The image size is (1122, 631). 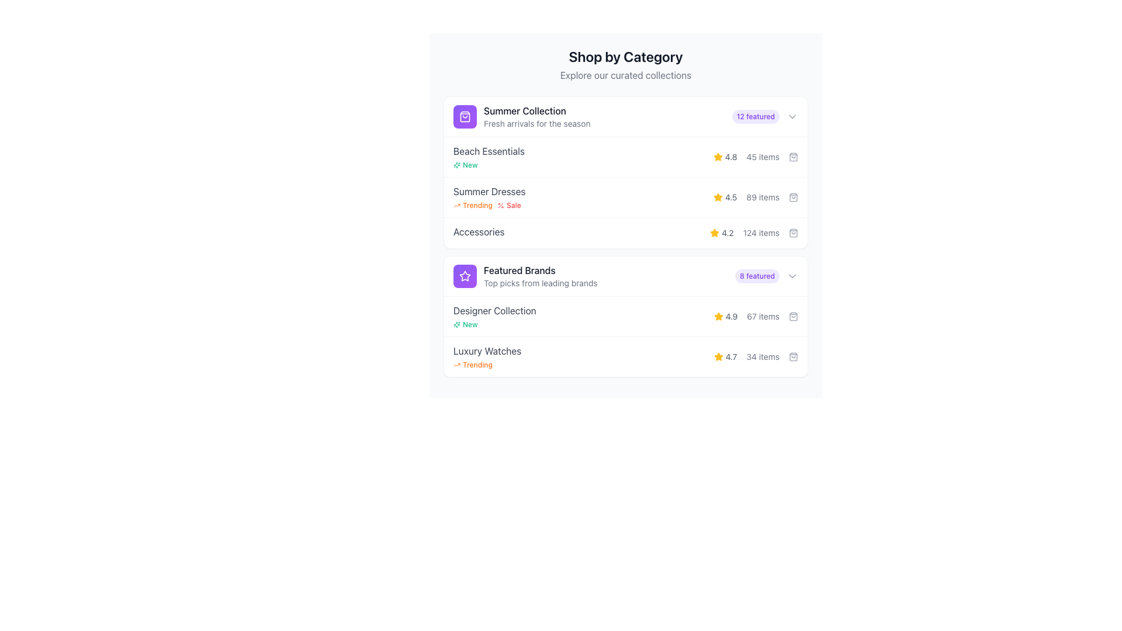 What do you see at coordinates (536, 110) in the screenshot?
I see `header text 'Summer Collection' displayed in the top section of the 'Shop by Category' interface` at bounding box center [536, 110].